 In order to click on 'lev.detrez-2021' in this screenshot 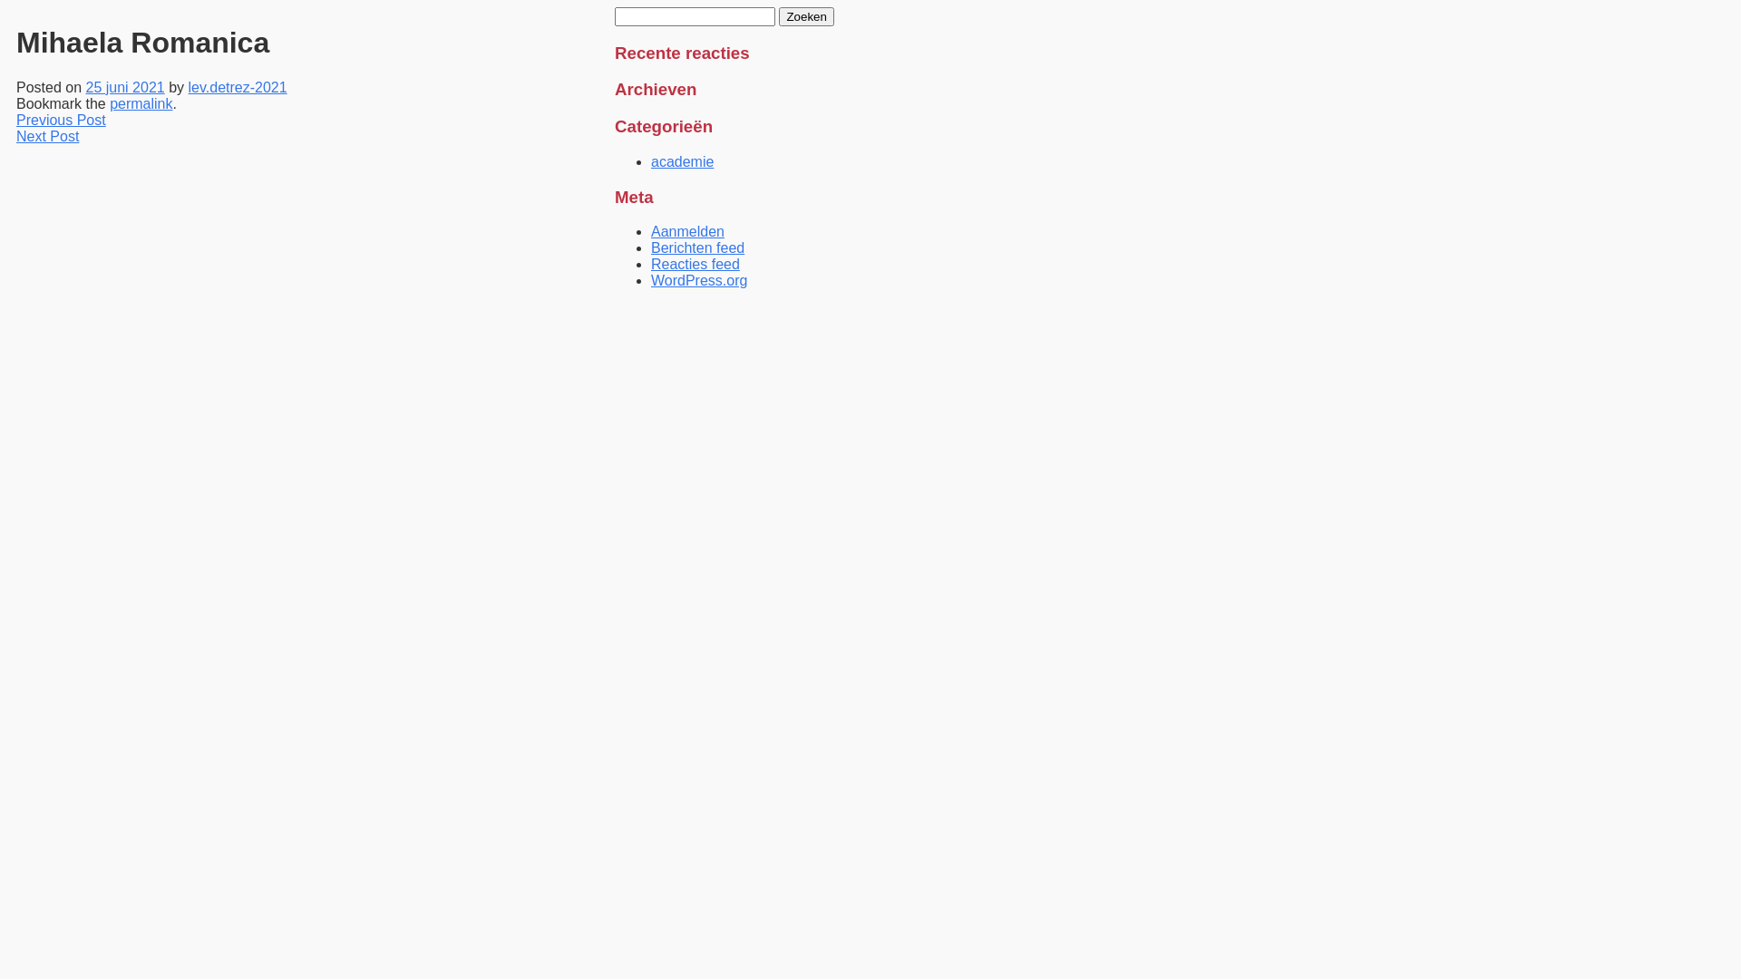, I will do `click(188, 87)`.